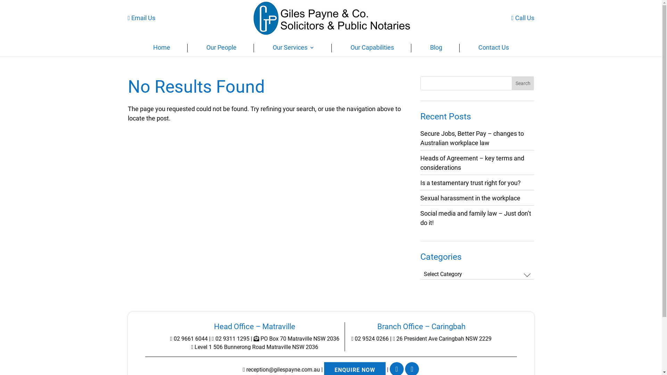  Describe the element at coordinates (523, 17) in the screenshot. I see `'Call Us'` at that location.